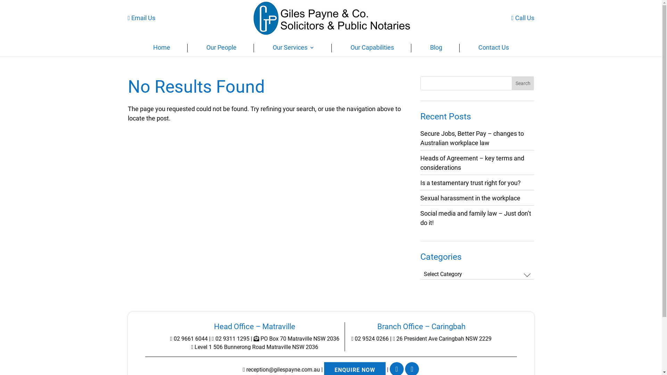  Describe the element at coordinates (523, 17) in the screenshot. I see `'Call Us'` at that location.